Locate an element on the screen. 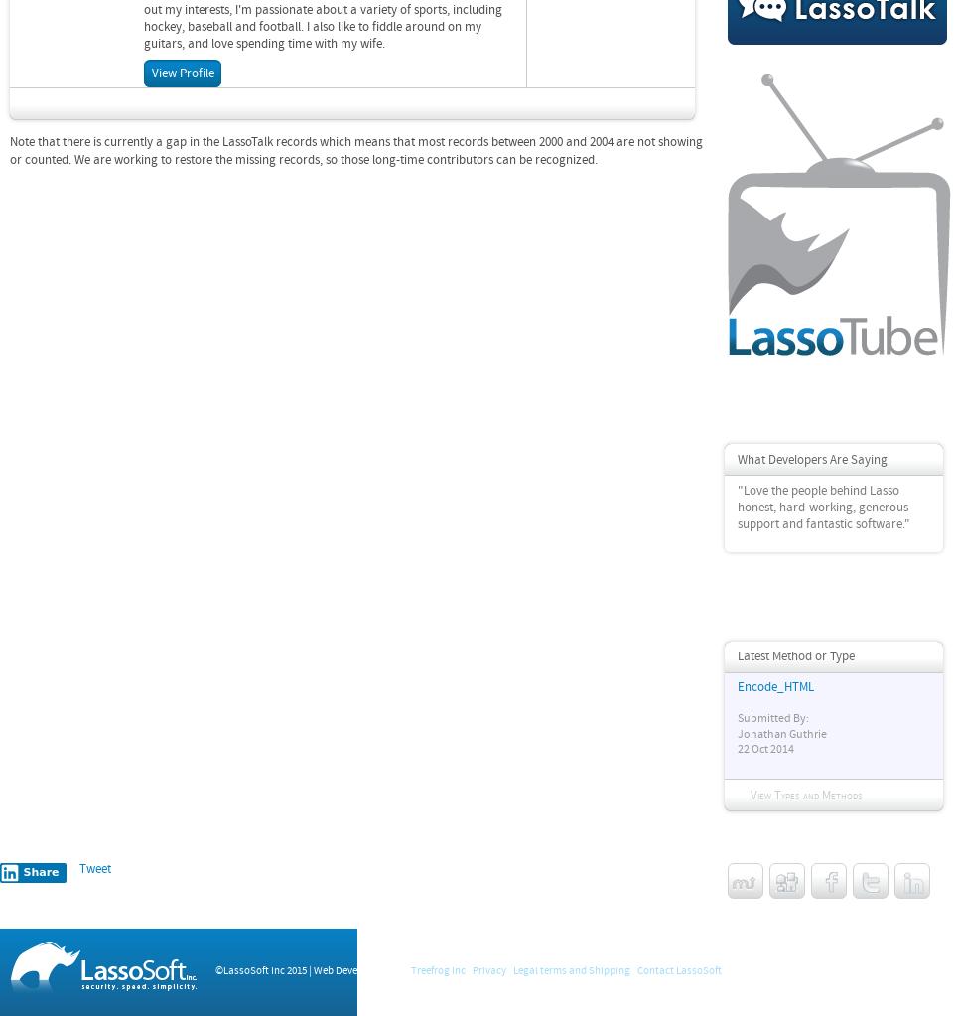 Image resolution: width=957 pixels, height=1016 pixels. 'Jonathan Guthrie' is located at coordinates (781, 733).